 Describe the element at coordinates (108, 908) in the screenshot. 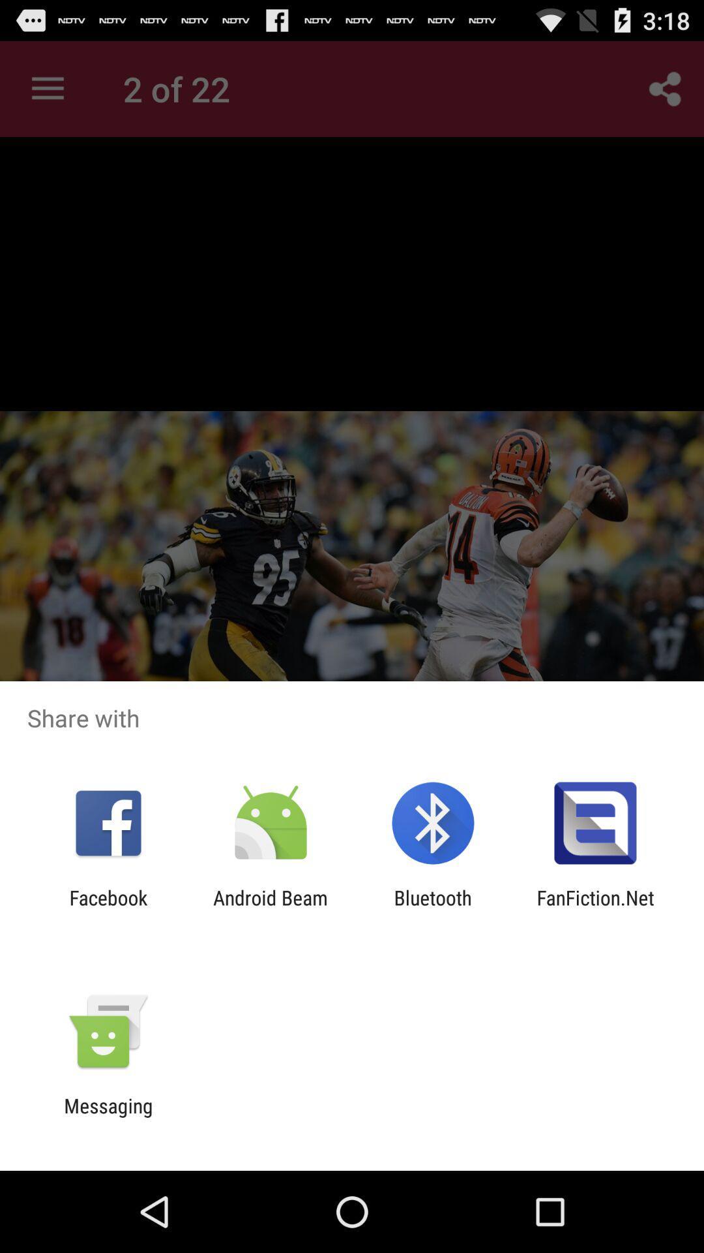

I see `the app to the left of android beam item` at that location.